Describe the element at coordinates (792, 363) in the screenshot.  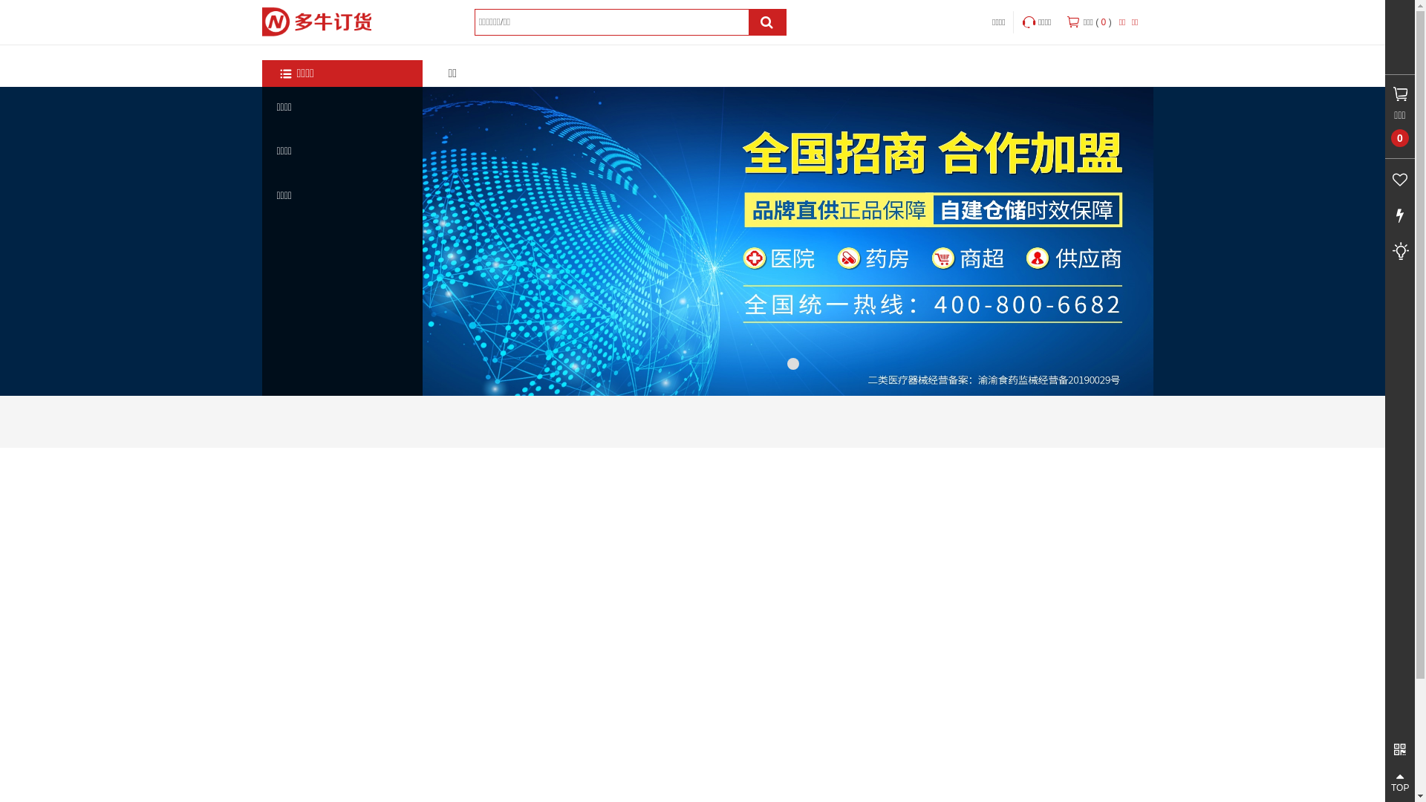
I see `'1'` at that location.